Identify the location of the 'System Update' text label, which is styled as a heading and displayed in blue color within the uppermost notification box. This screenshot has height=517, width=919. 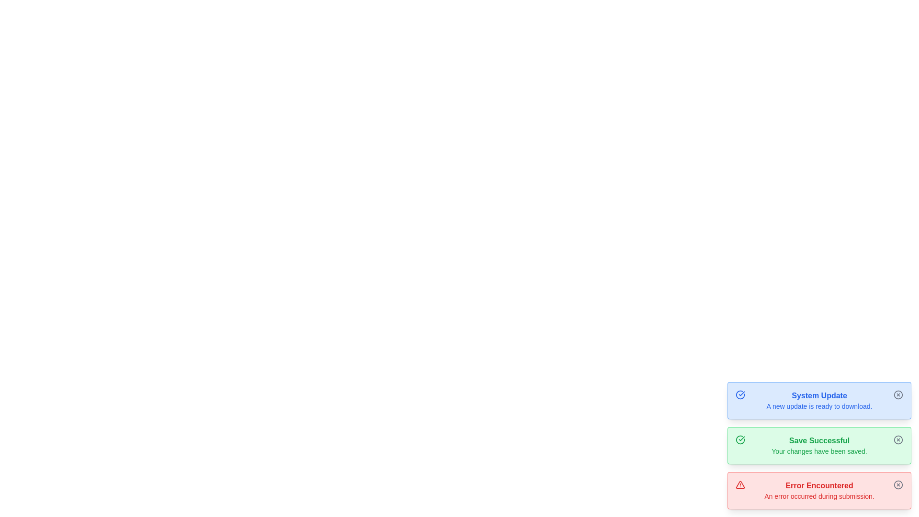
(819, 395).